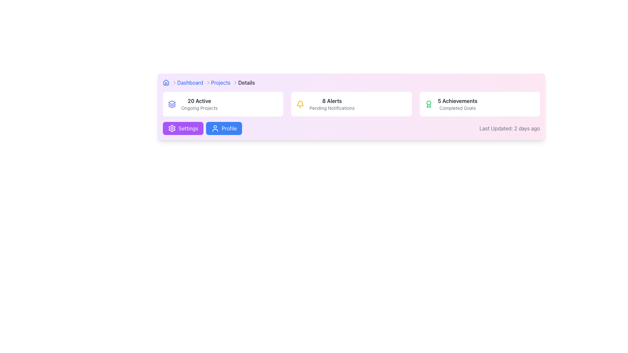 The height and width of the screenshot is (353, 628). What do you see at coordinates (188, 128) in the screenshot?
I see `the 'Settings' button, which is identified by its text label positioned on the right-hand side within the purple button for accessing settings or configuration options` at bounding box center [188, 128].